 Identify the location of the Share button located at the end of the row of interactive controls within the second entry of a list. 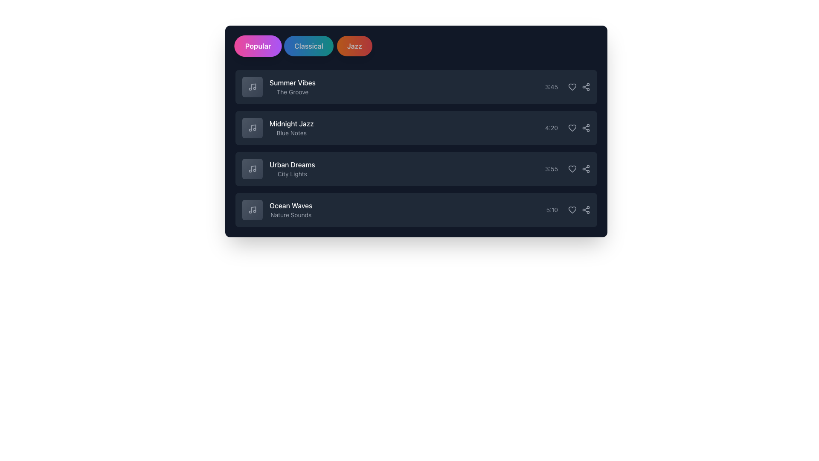
(585, 128).